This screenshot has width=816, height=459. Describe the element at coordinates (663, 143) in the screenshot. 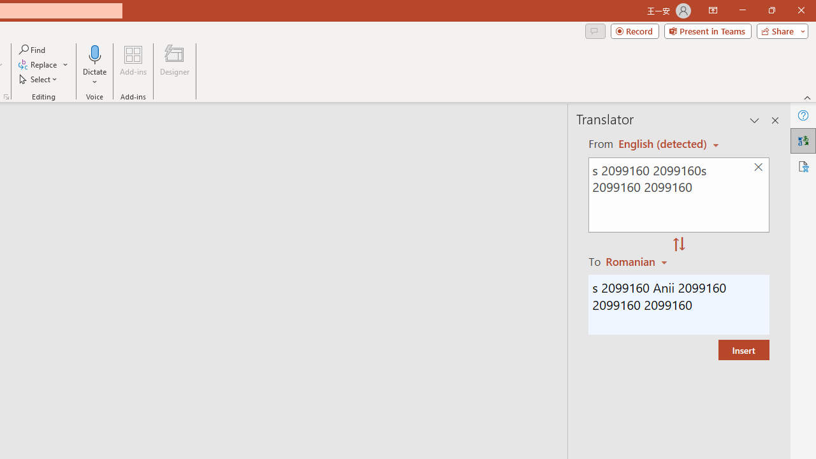

I see `'Czech (detected)'` at that location.